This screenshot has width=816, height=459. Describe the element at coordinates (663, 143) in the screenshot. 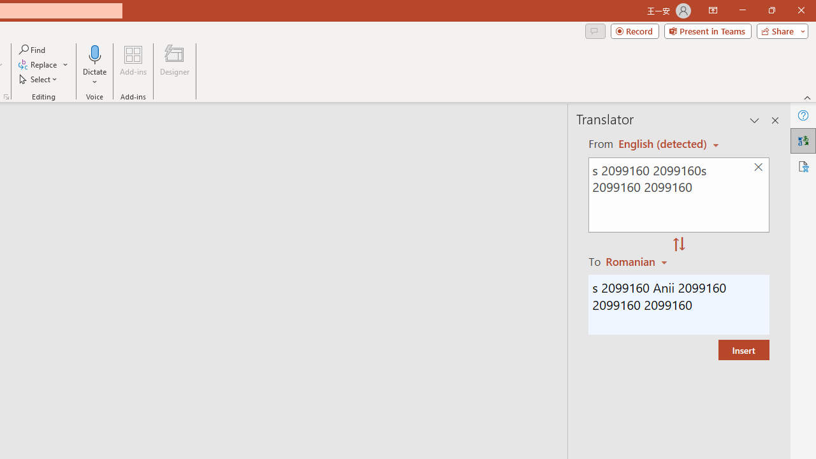

I see `'Czech (detected)'` at that location.